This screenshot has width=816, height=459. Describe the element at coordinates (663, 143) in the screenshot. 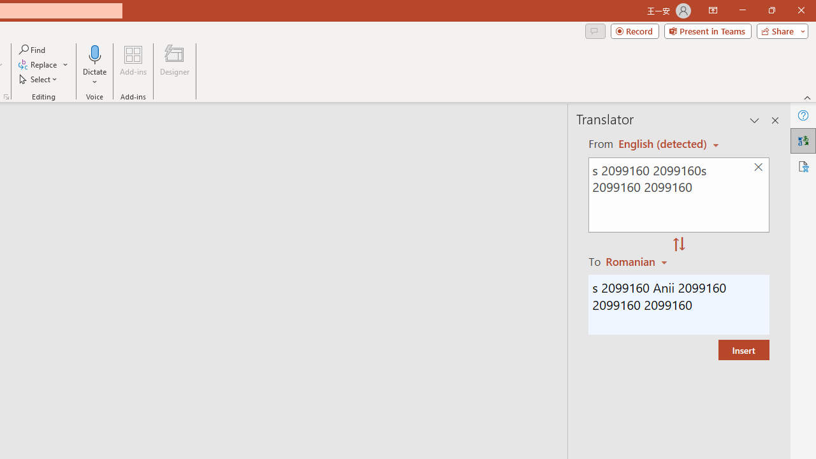

I see `'Czech (detected)'` at that location.